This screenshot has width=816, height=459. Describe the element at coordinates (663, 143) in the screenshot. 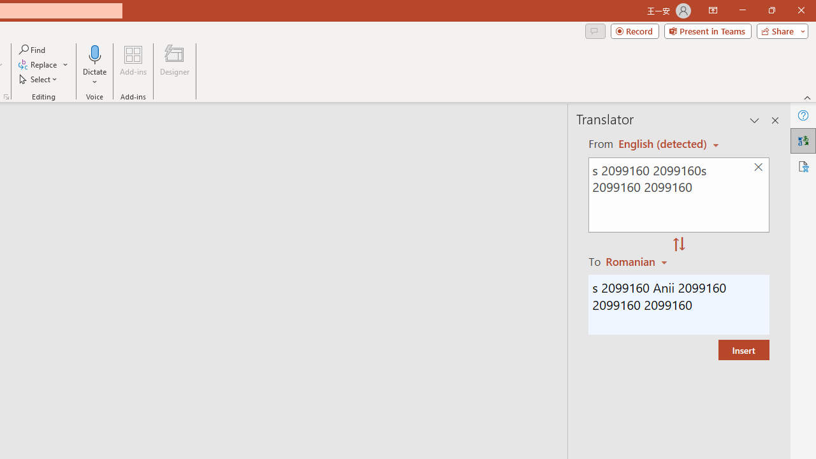

I see `'Czech (detected)'` at that location.